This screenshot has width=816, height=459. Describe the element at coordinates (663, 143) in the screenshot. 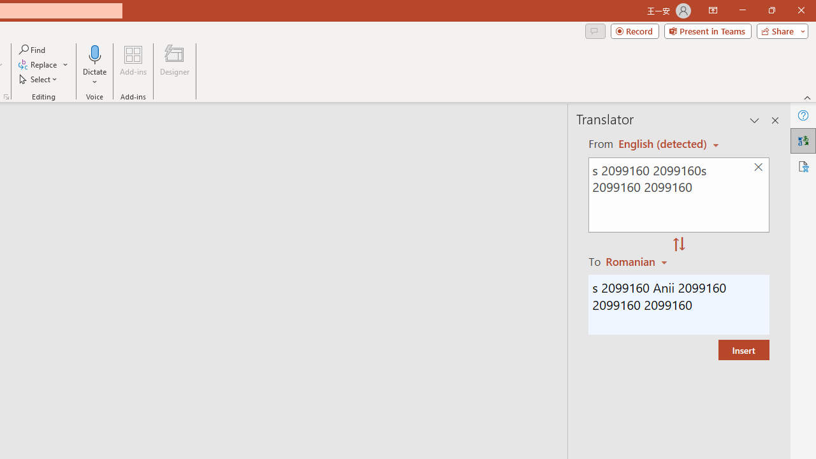

I see `'Czech (detected)'` at that location.